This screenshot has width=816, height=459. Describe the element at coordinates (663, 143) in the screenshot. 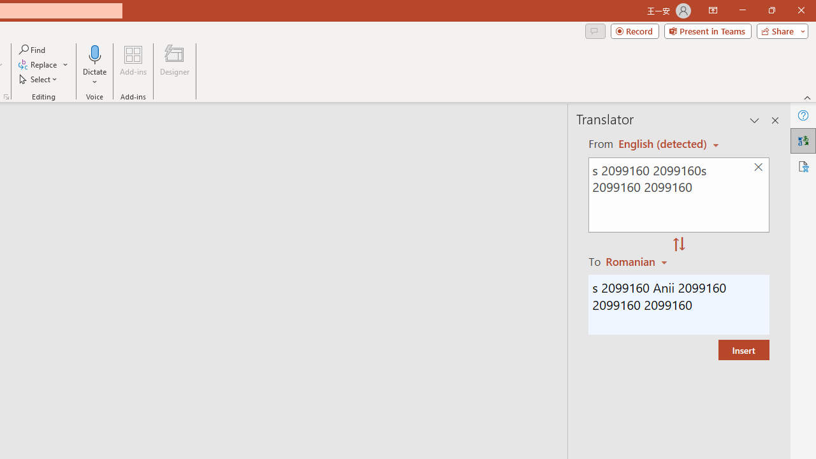

I see `'Czech (detected)'` at that location.